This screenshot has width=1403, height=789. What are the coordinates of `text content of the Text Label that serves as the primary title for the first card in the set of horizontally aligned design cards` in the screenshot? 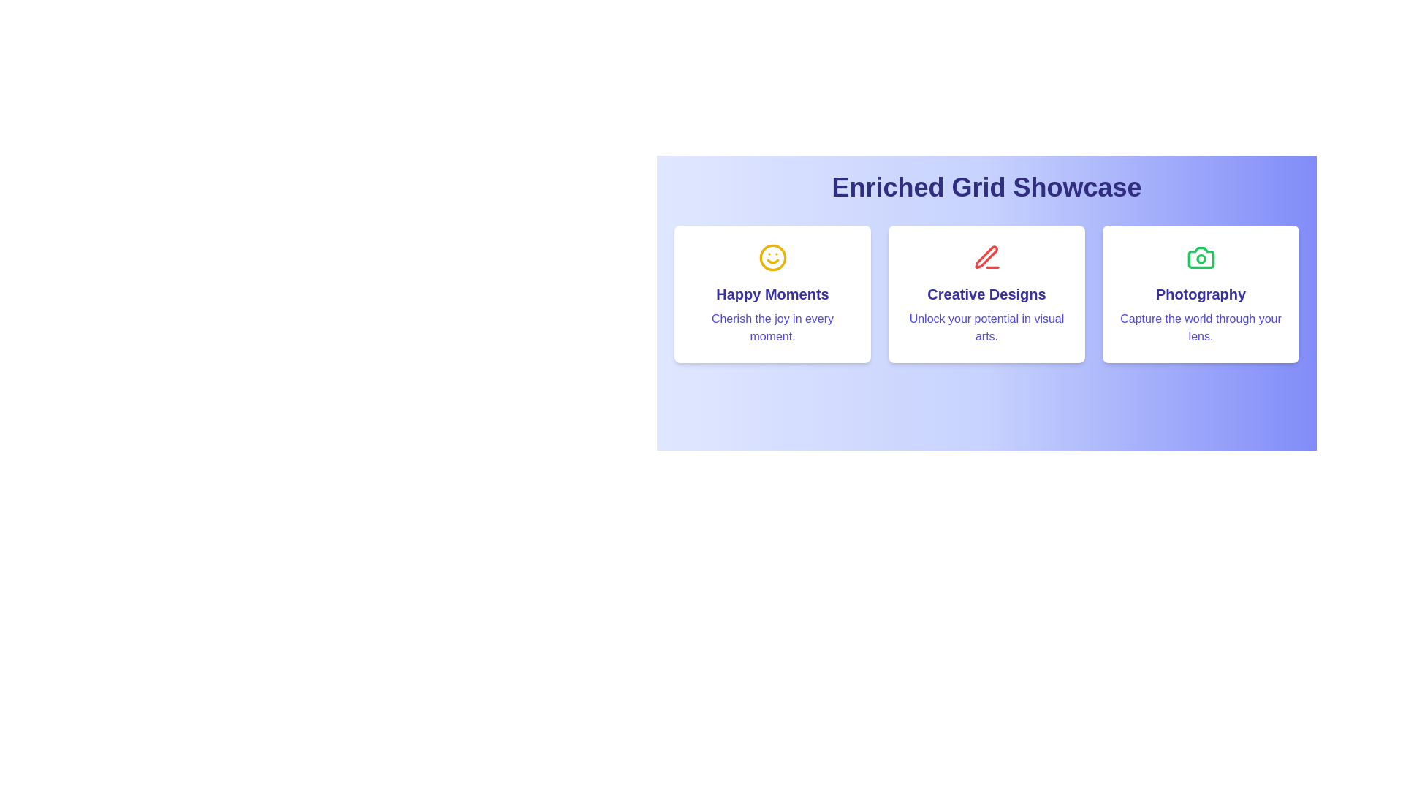 It's located at (772, 294).